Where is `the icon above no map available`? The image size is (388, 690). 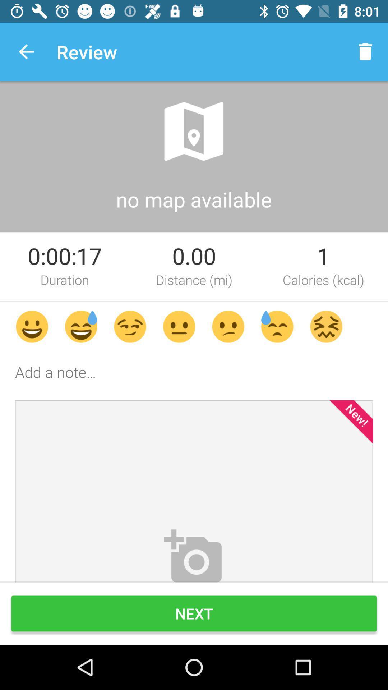 the icon above no map available is located at coordinates (193, 131).